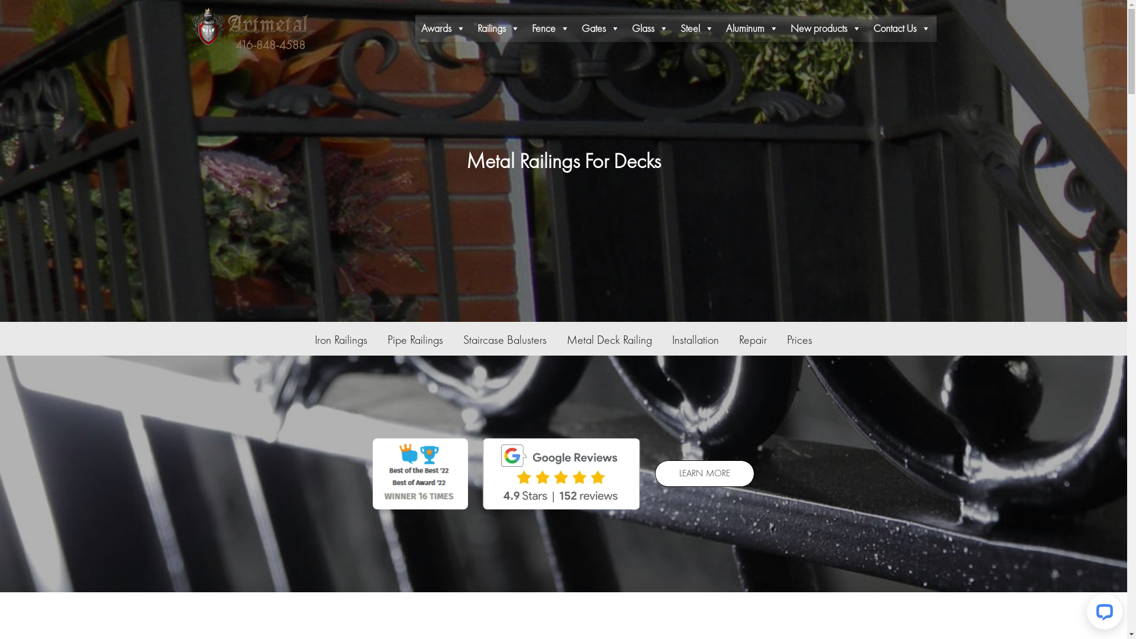  What do you see at coordinates (825, 27) in the screenshot?
I see `'New products'` at bounding box center [825, 27].